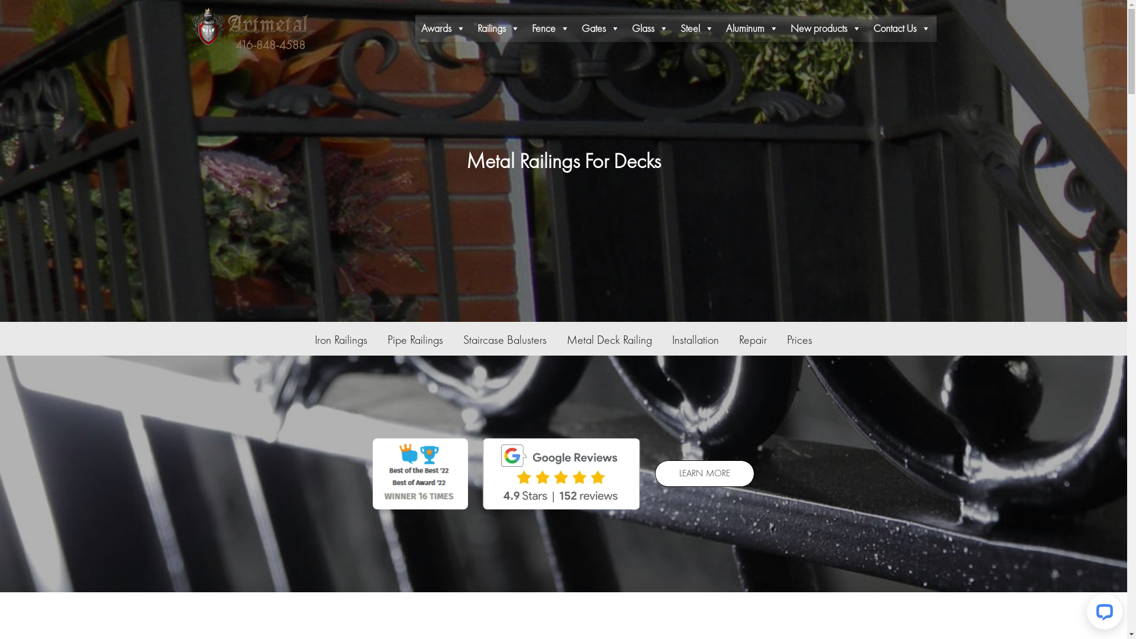  What do you see at coordinates (825, 27) in the screenshot?
I see `'New products'` at bounding box center [825, 27].